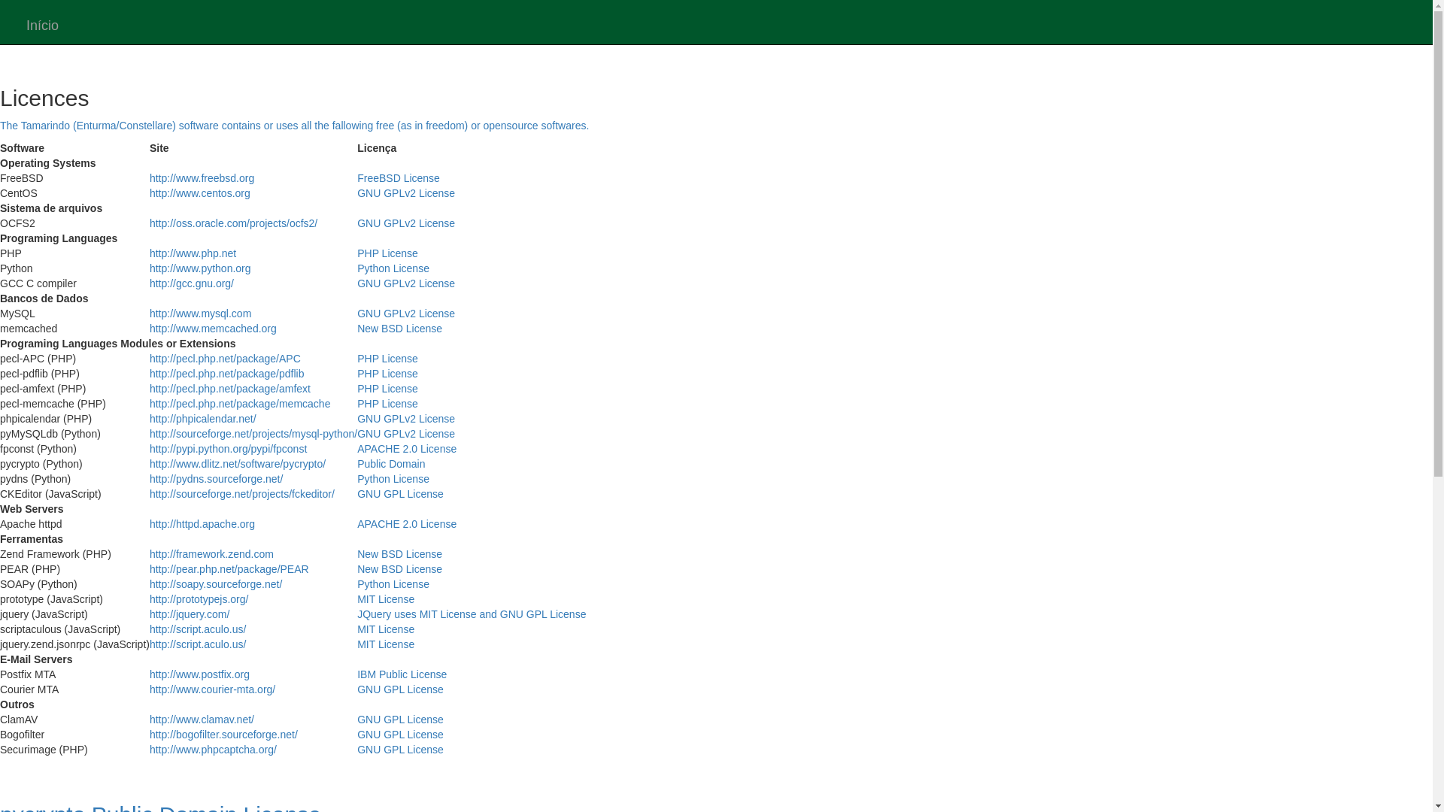 The width and height of the screenshot is (1444, 812). What do you see at coordinates (199, 674) in the screenshot?
I see `'http://www.postfix.org'` at bounding box center [199, 674].